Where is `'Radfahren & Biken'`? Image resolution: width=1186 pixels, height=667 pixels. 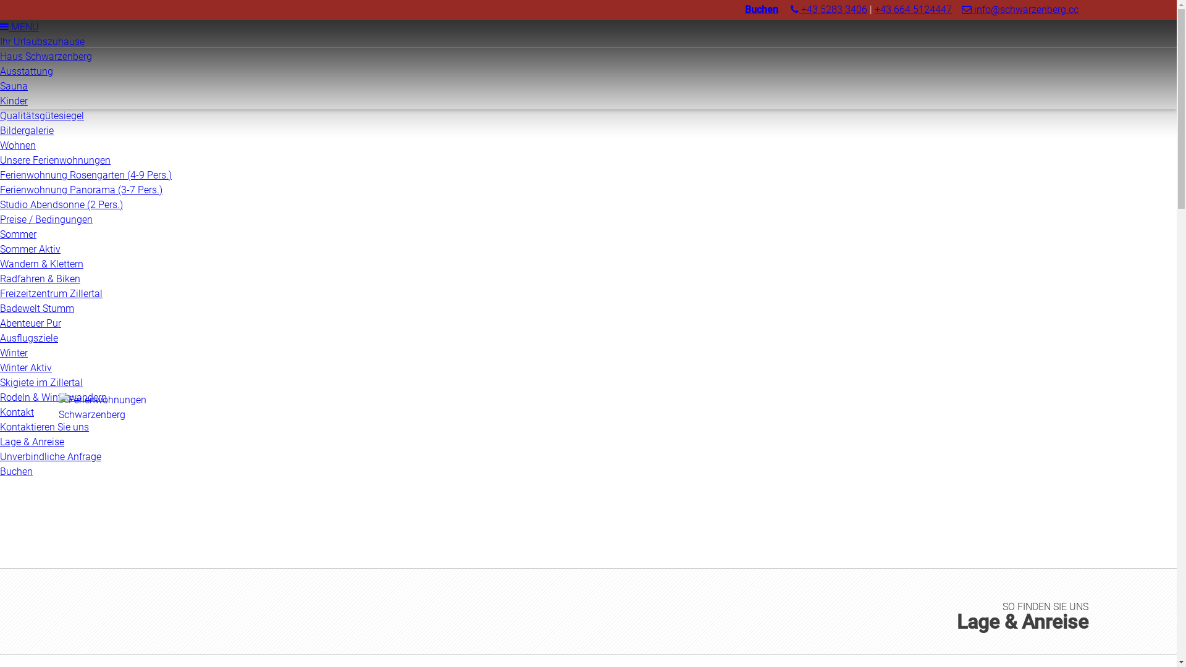 'Radfahren & Biken' is located at coordinates (40, 279).